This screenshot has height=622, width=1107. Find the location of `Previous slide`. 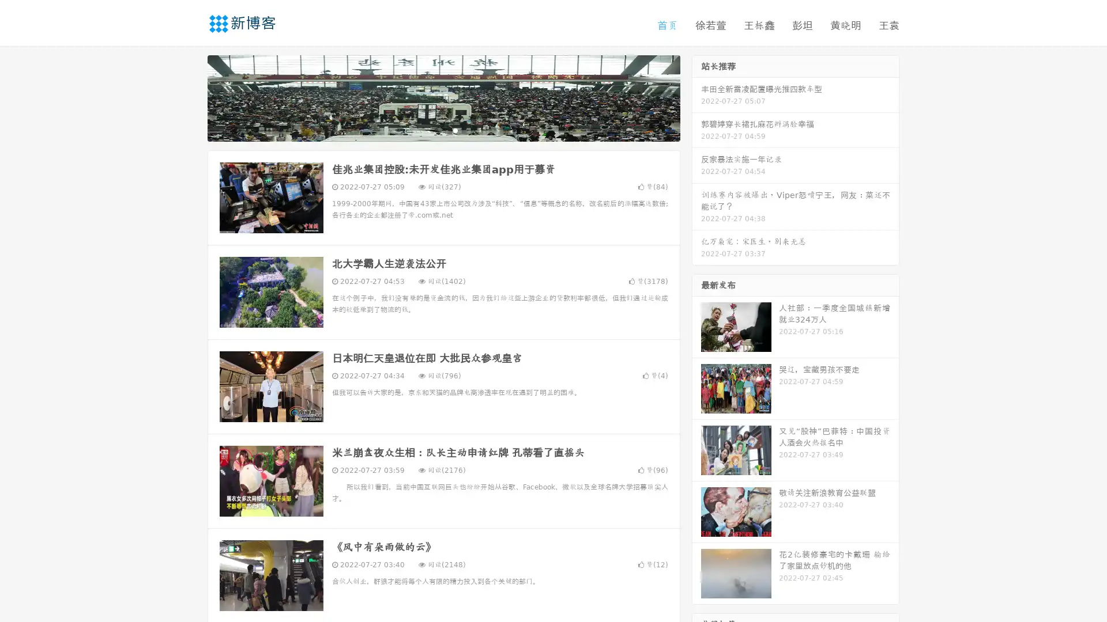

Previous slide is located at coordinates (190, 97).